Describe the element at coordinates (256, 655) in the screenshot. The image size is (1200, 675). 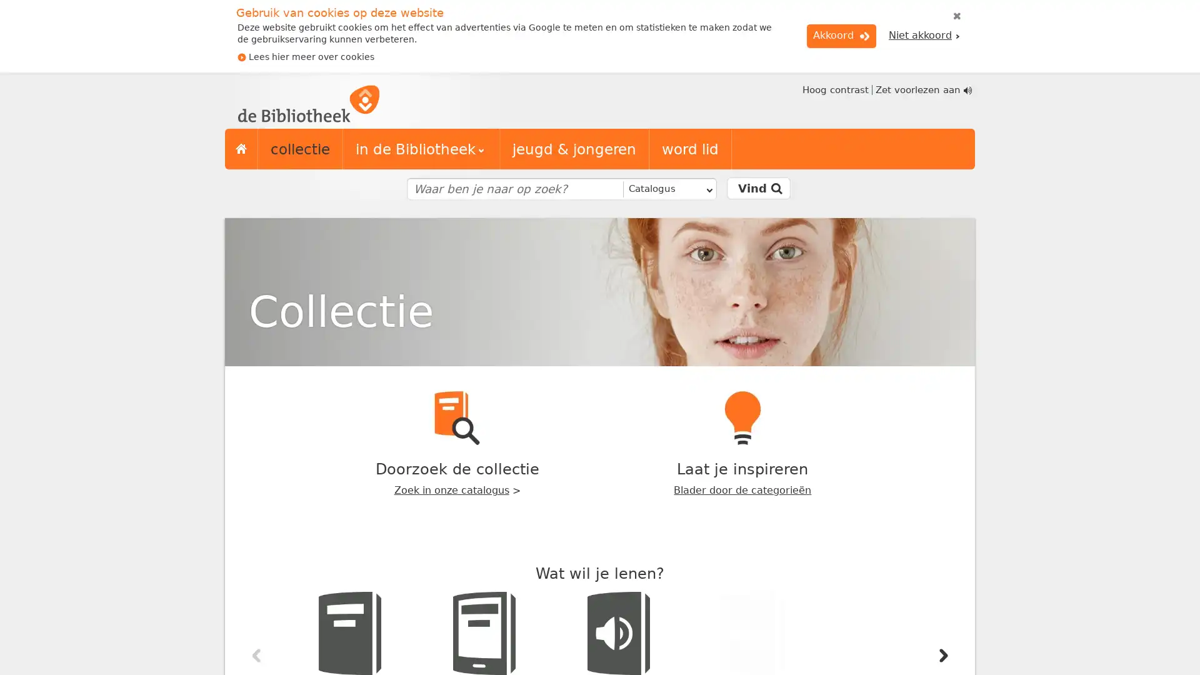
I see `Vorige` at that location.